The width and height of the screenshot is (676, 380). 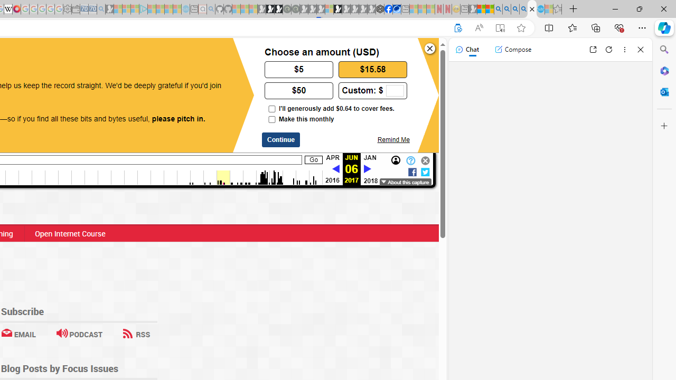 What do you see at coordinates (394, 90) in the screenshot?
I see `'AutomationID: custom-amount-input'` at bounding box center [394, 90].